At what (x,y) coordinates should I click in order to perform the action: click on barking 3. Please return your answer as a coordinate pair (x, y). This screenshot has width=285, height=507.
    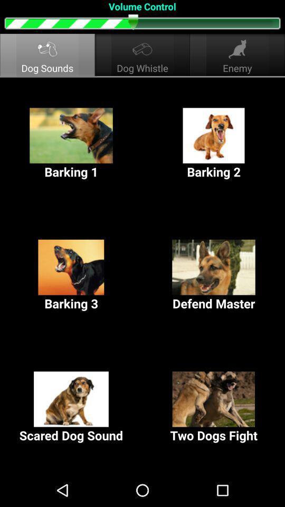
    Looking at the image, I should click on (71, 275).